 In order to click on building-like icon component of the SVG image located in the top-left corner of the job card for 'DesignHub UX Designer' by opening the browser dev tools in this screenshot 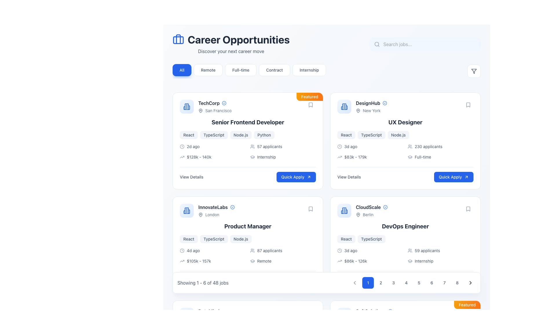, I will do `click(344, 106)`.